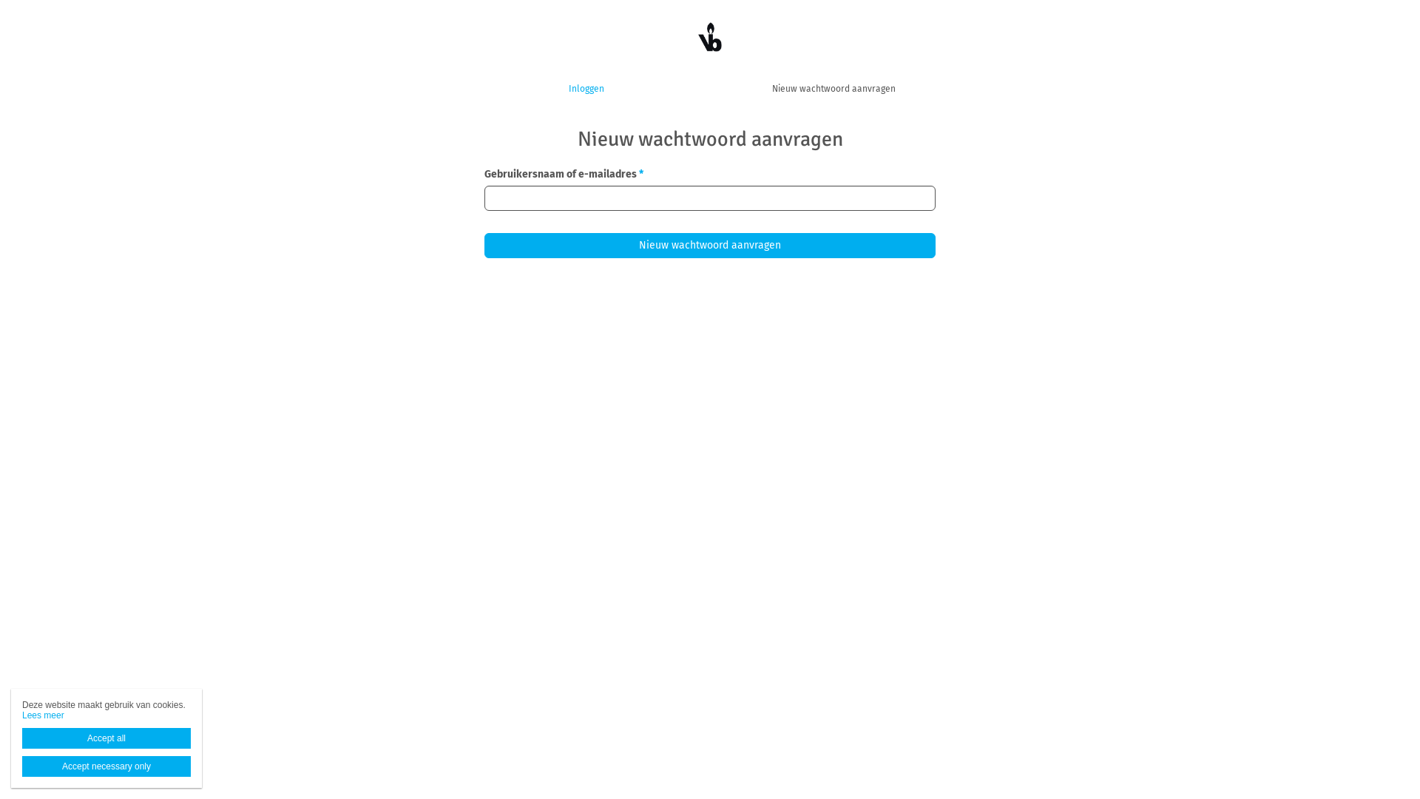 The height and width of the screenshot is (799, 1420). What do you see at coordinates (585, 88) in the screenshot?
I see `'Inloggen'` at bounding box center [585, 88].